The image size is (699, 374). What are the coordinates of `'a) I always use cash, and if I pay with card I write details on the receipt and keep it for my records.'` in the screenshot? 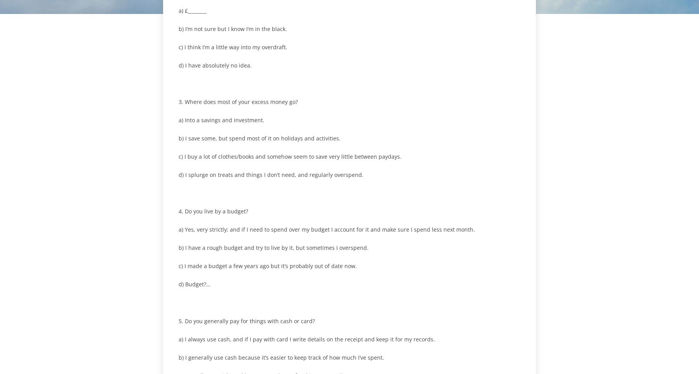 It's located at (307, 339).